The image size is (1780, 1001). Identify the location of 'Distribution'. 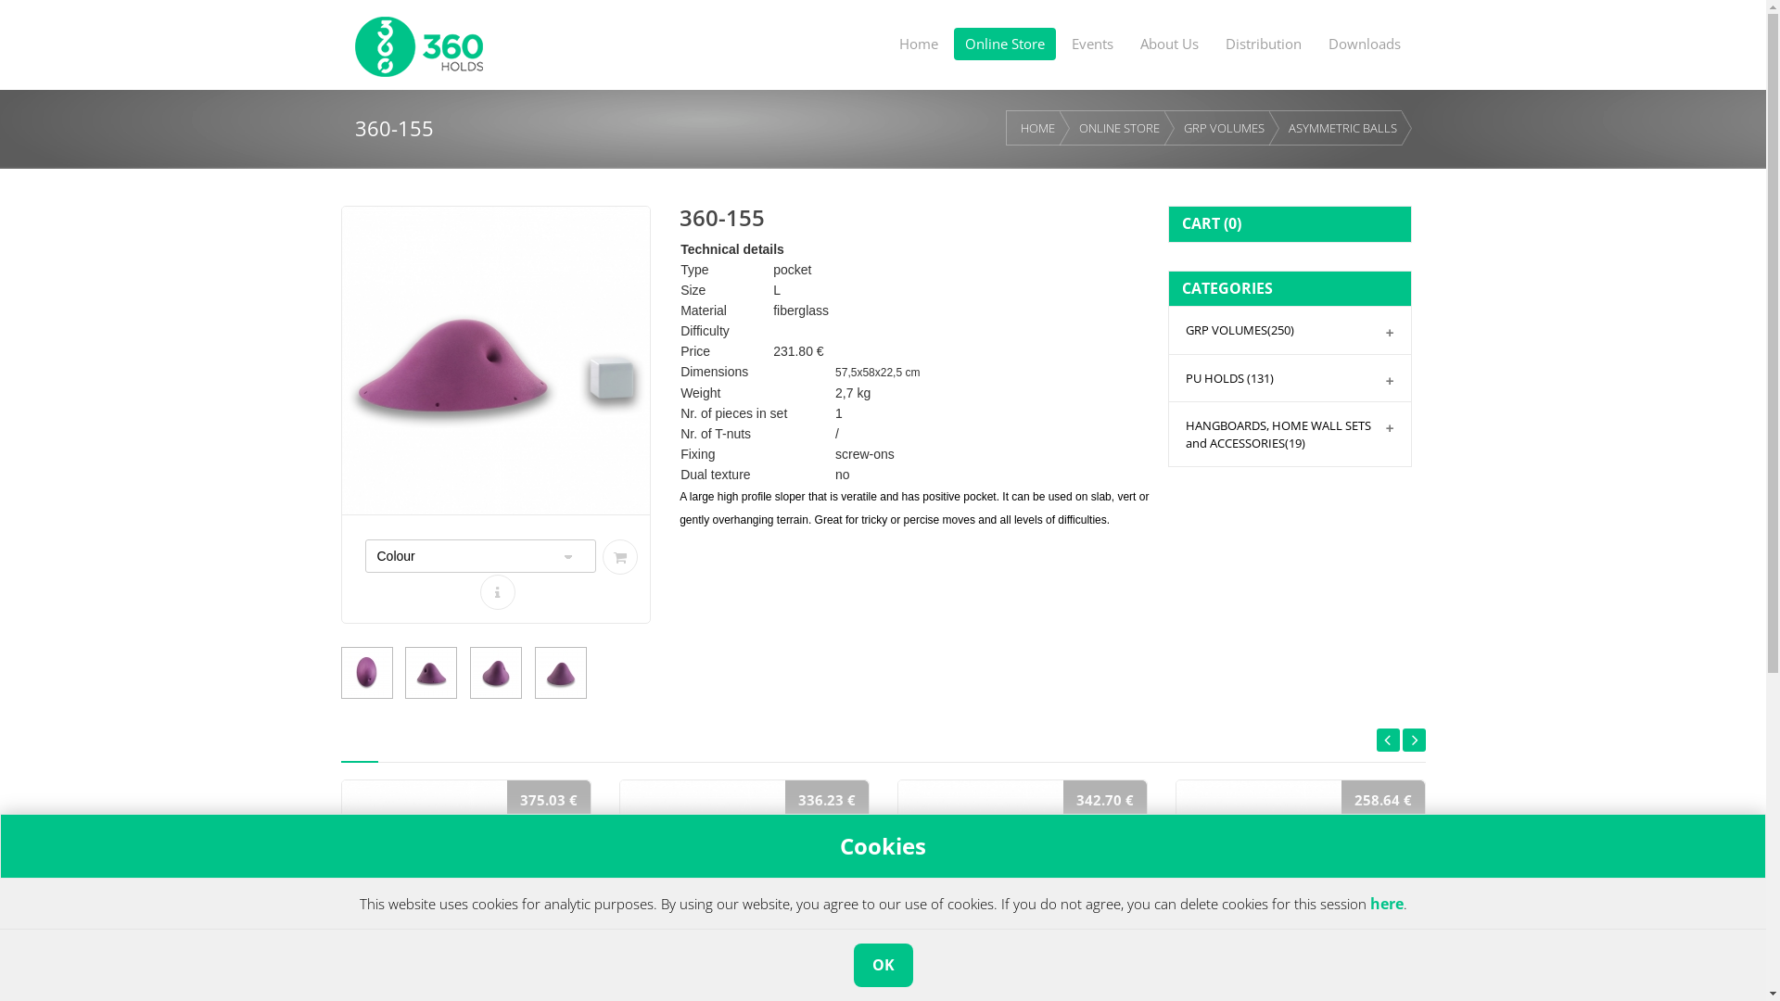
(1263, 43).